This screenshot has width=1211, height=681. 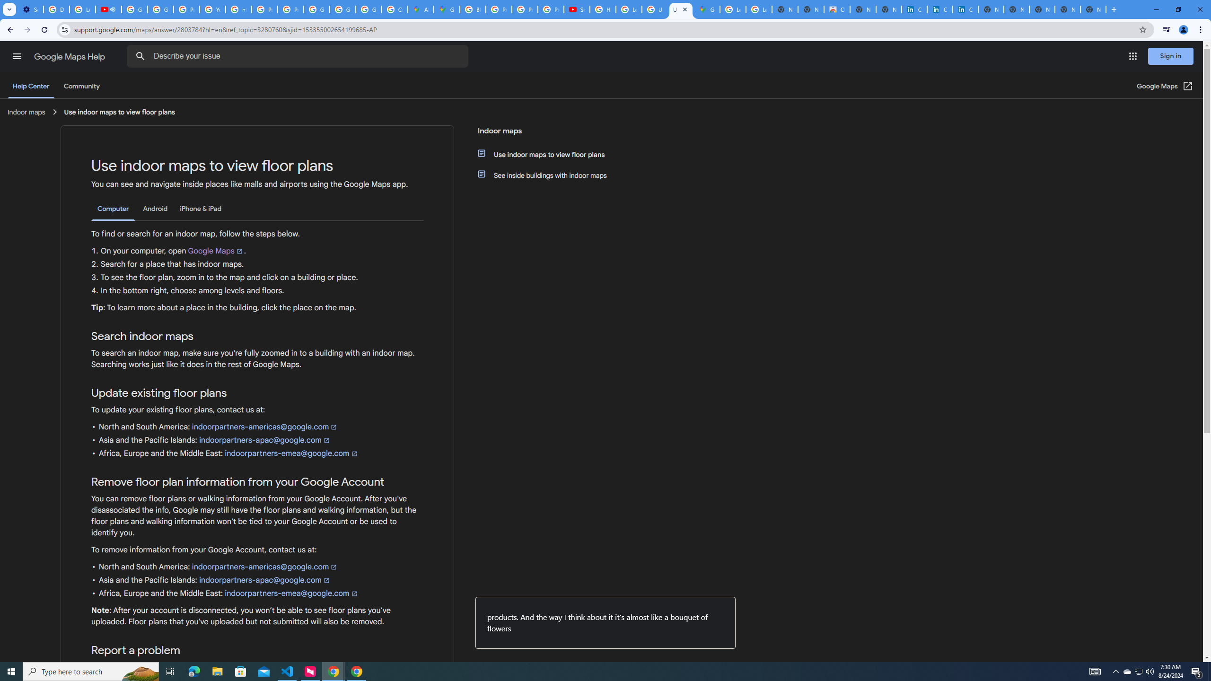 I want to click on 'Community', so click(x=81, y=86).